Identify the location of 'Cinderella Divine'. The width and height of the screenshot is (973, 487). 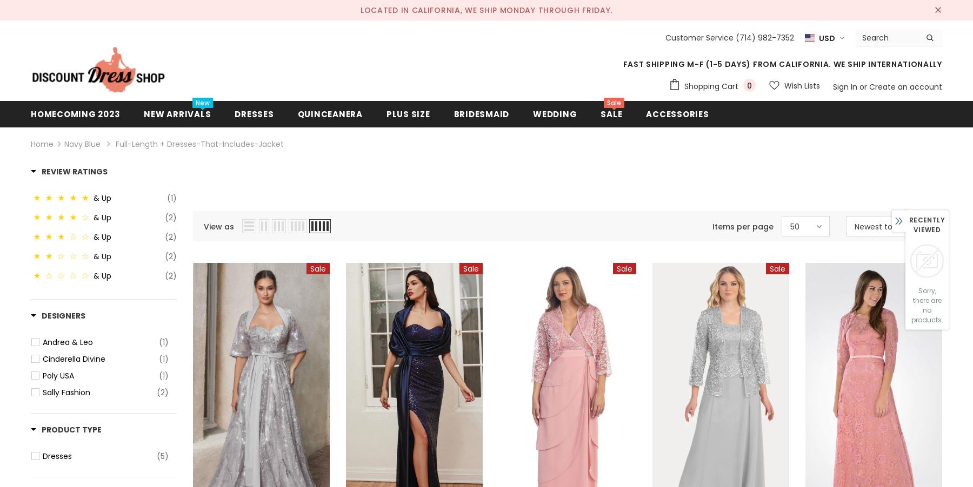
(74, 359).